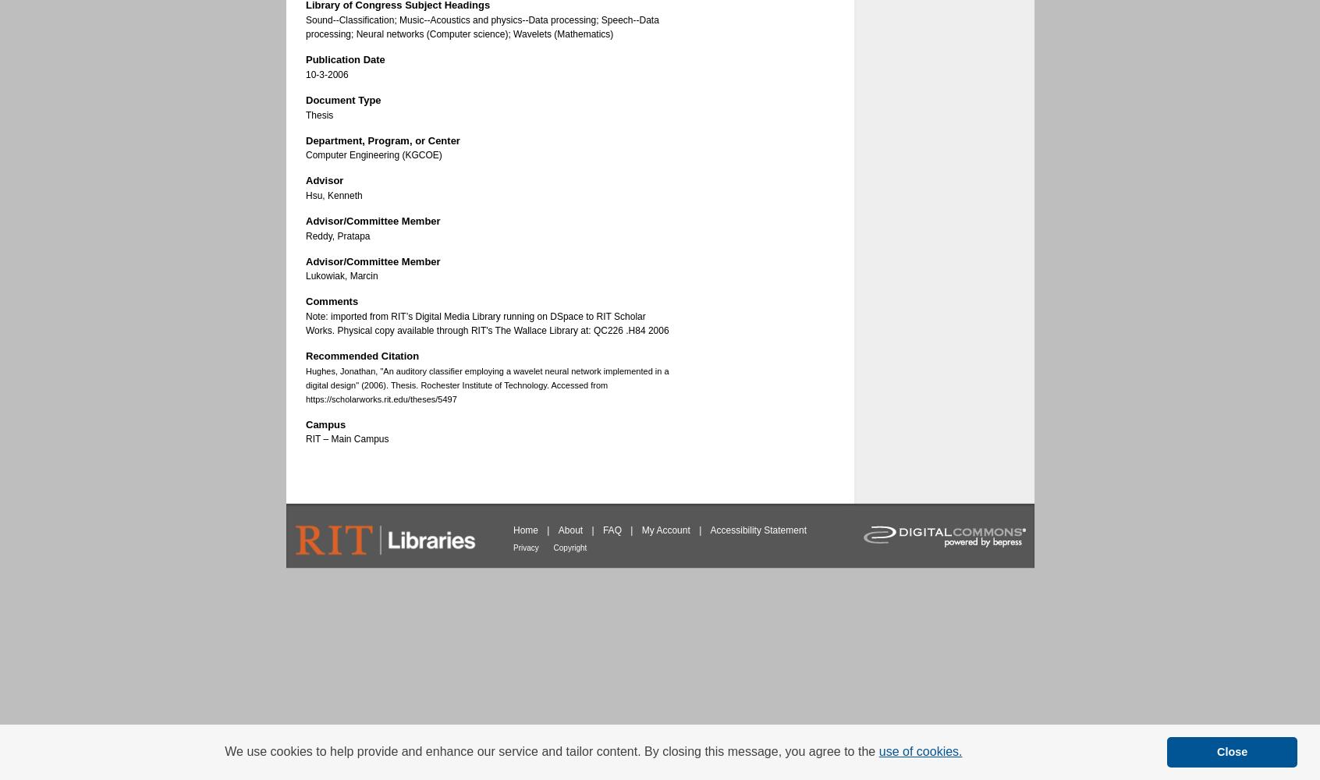 Image resolution: width=1320 pixels, height=780 pixels. What do you see at coordinates (570, 530) in the screenshot?
I see `'About'` at bounding box center [570, 530].